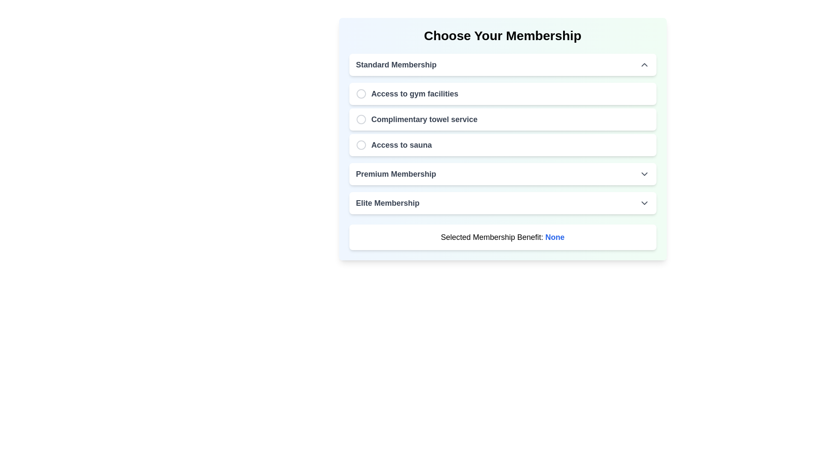  What do you see at coordinates (361, 120) in the screenshot?
I see `the radio button for 'Complimentary towel service' located in the second row under 'Standard Membership'` at bounding box center [361, 120].